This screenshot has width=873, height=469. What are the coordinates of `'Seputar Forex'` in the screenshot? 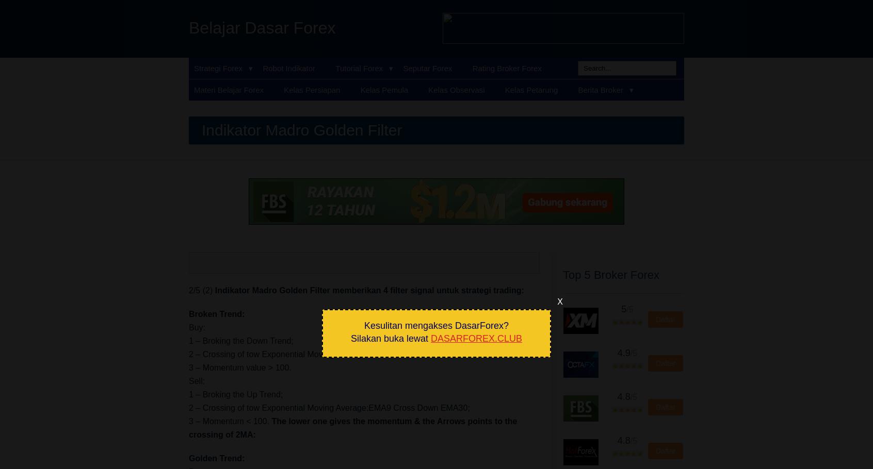 It's located at (427, 68).